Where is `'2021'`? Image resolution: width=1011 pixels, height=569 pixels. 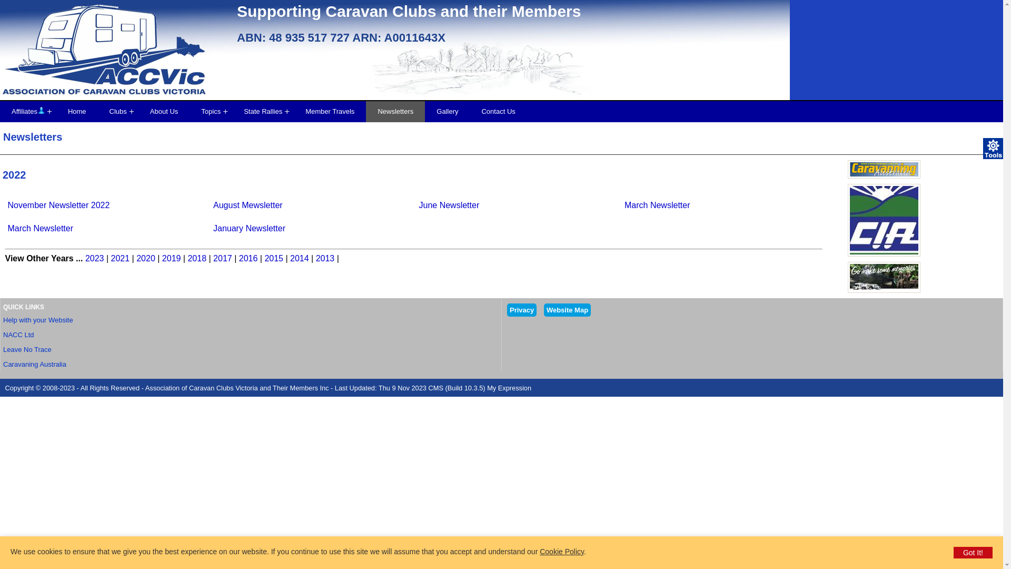 '2021' is located at coordinates (121, 258).